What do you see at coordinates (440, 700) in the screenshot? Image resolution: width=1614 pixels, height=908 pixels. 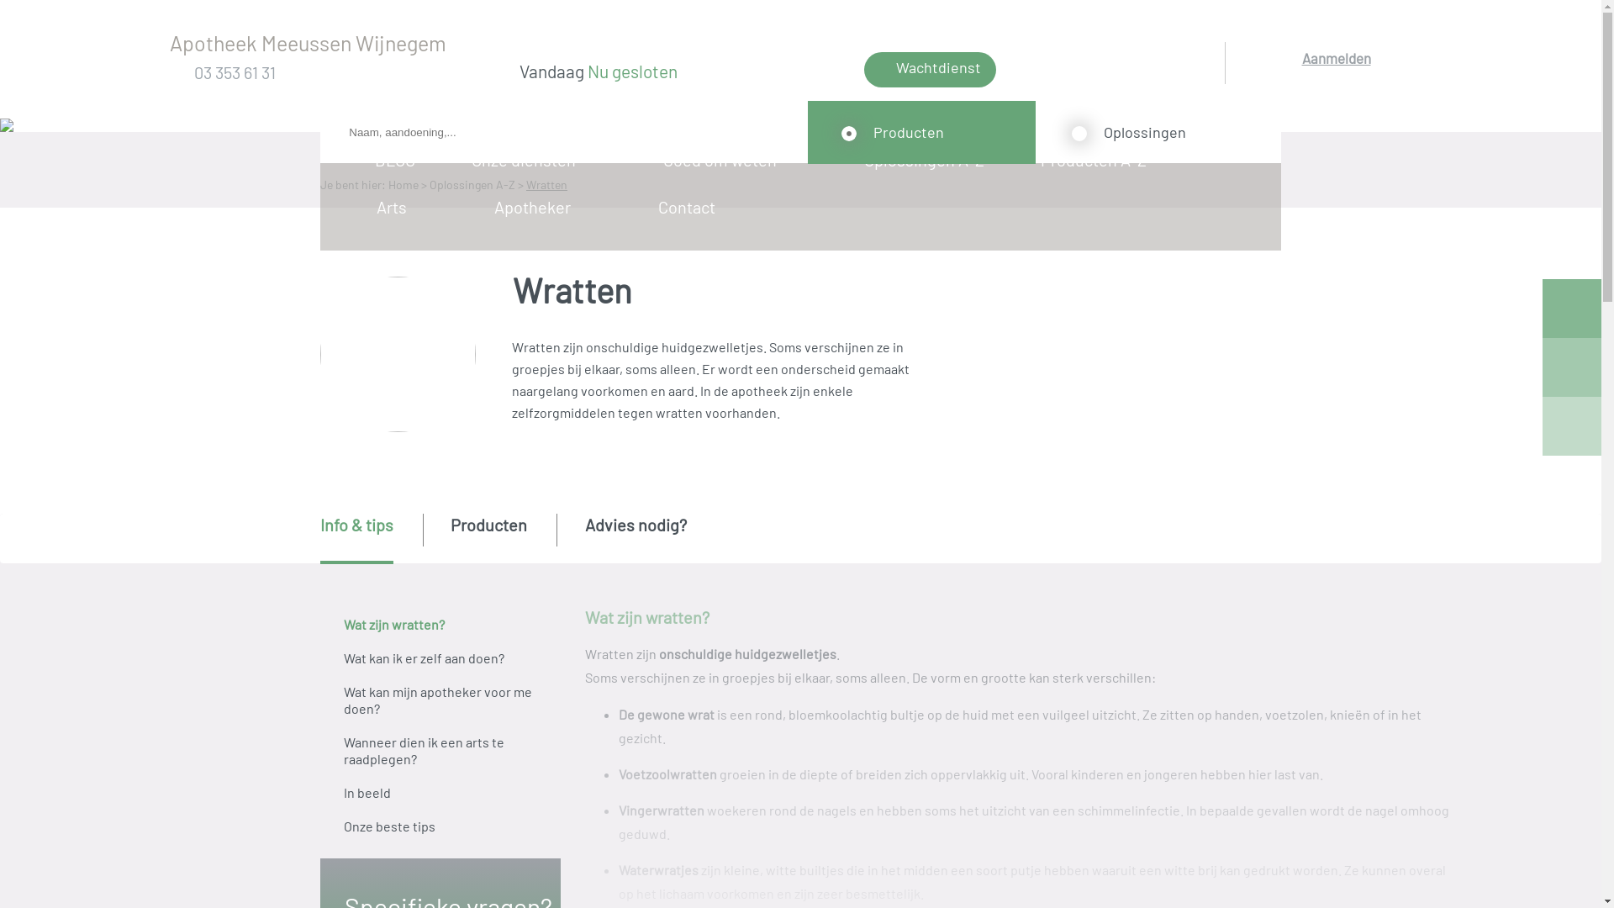 I see `'Wat kan mijn apotheker voor me doen?'` at bounding box center [440, 700].